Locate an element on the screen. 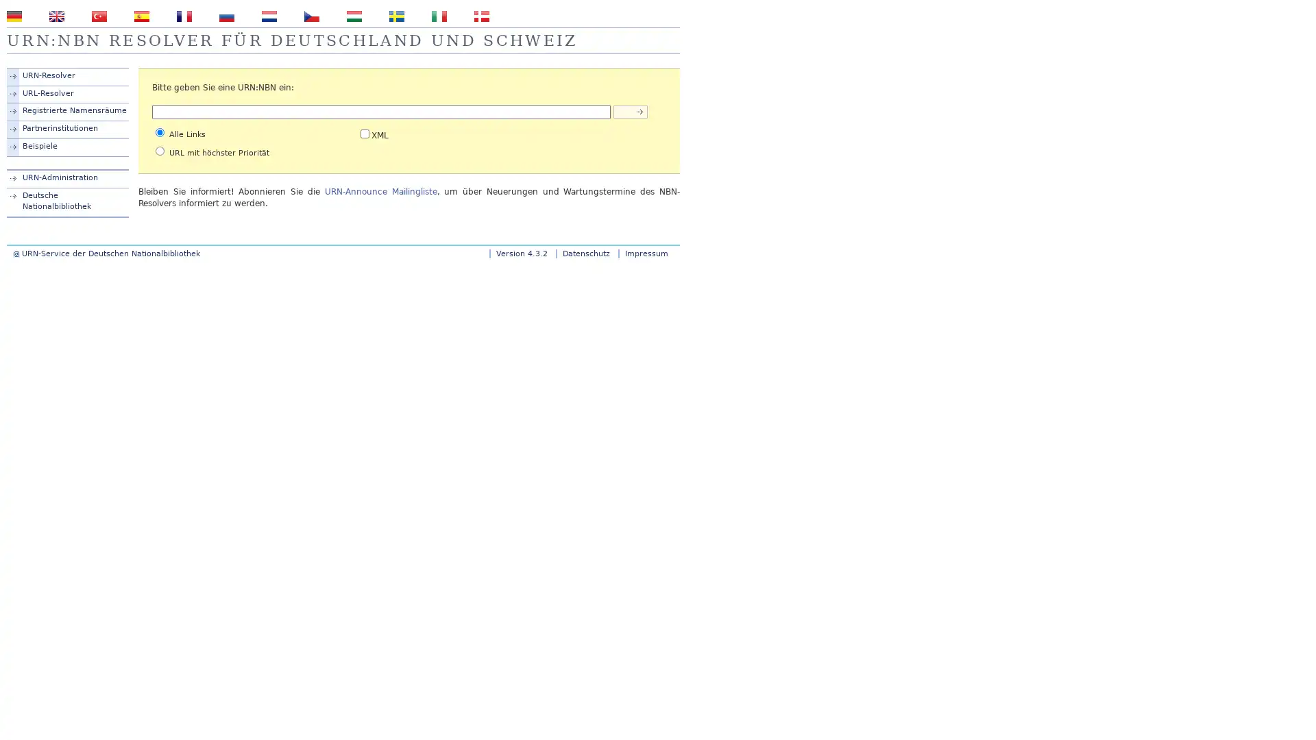  cz is located at coordinates (311, 16).